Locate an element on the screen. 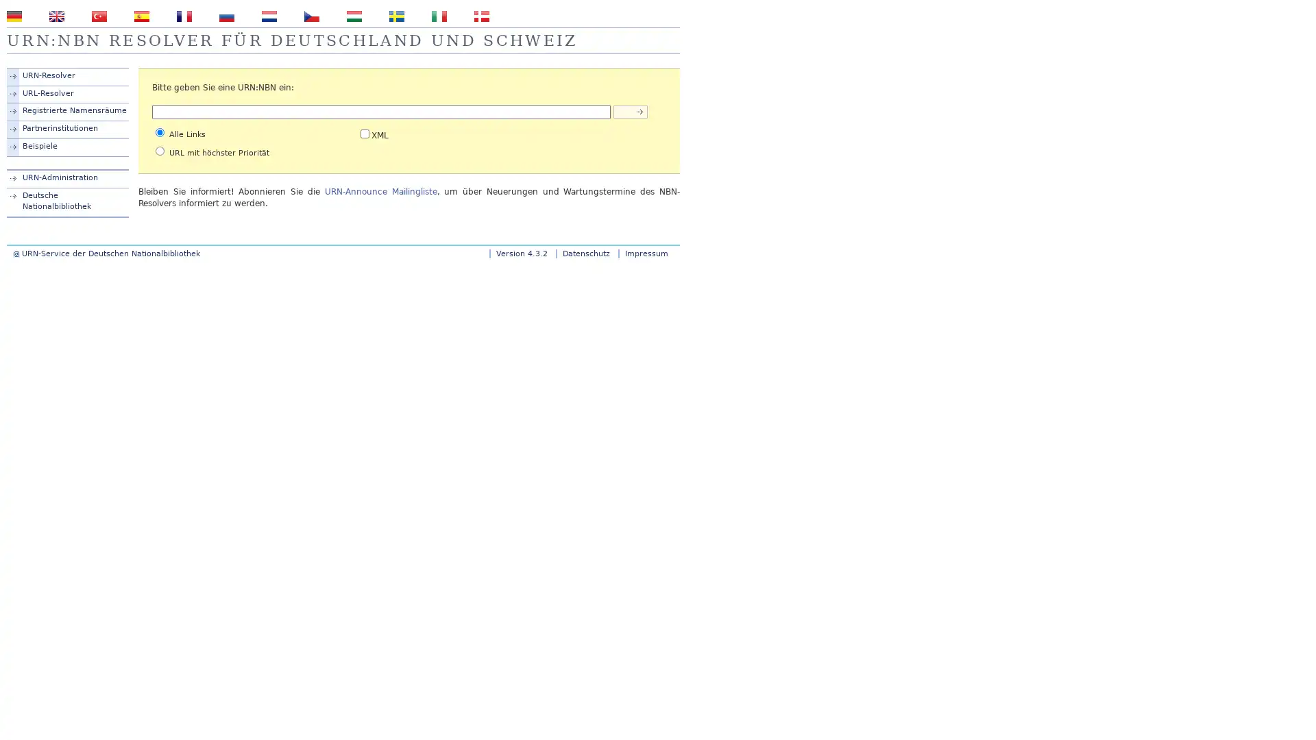  cz is located at coordinates (311, 16).